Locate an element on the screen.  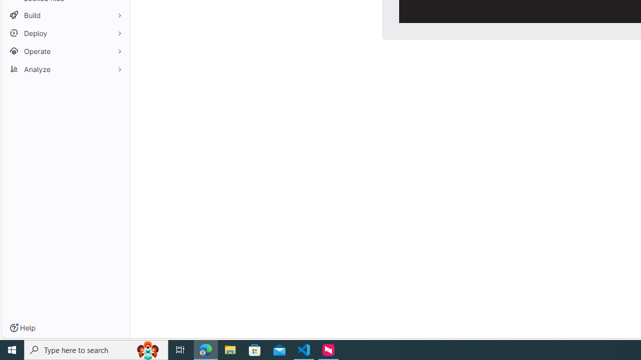
'Deploy' is located at coordinates (65, 32).